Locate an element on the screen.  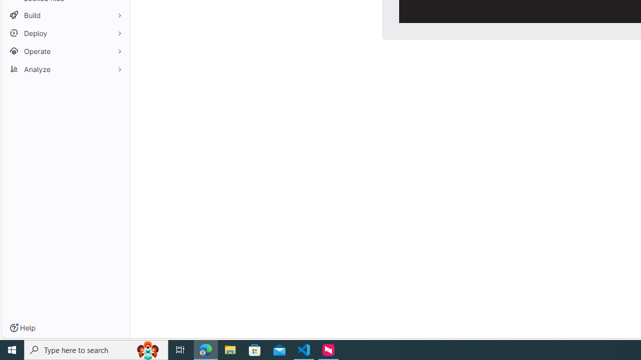
'Deploy' is located at coordinates (65, 32).